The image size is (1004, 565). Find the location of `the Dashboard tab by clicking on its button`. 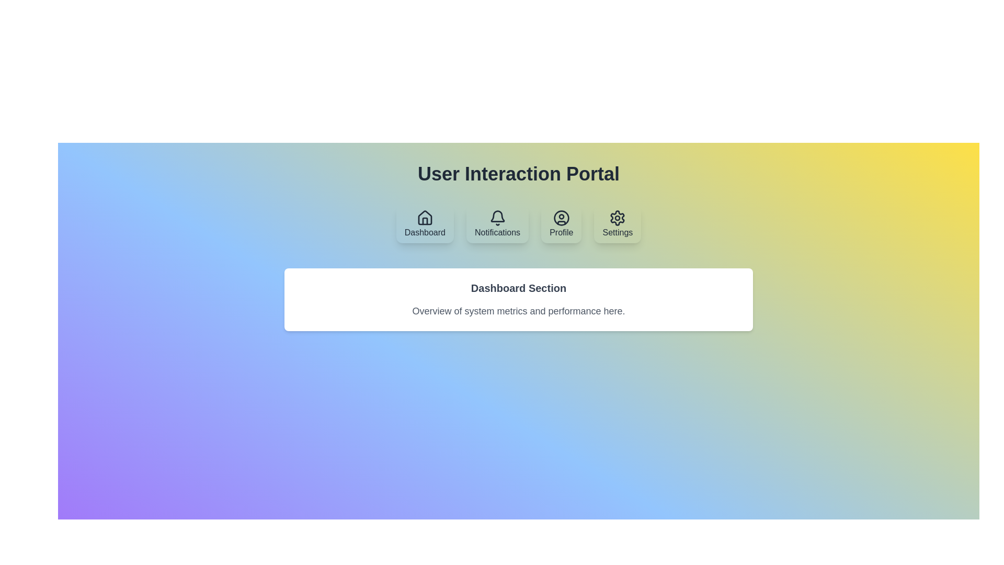

the Dashboard tab by clicking on its button is located at coordinates (425, 223).